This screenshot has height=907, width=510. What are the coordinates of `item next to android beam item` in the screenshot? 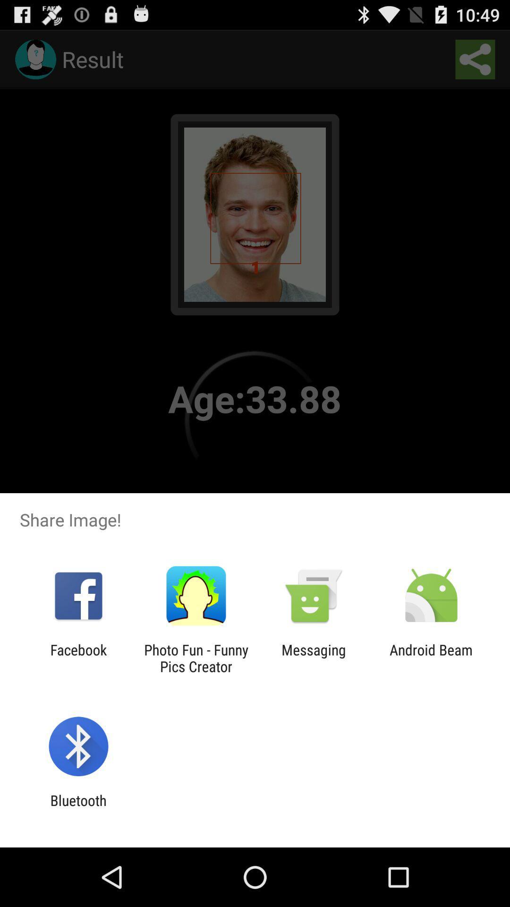 It's located at (314, 658).